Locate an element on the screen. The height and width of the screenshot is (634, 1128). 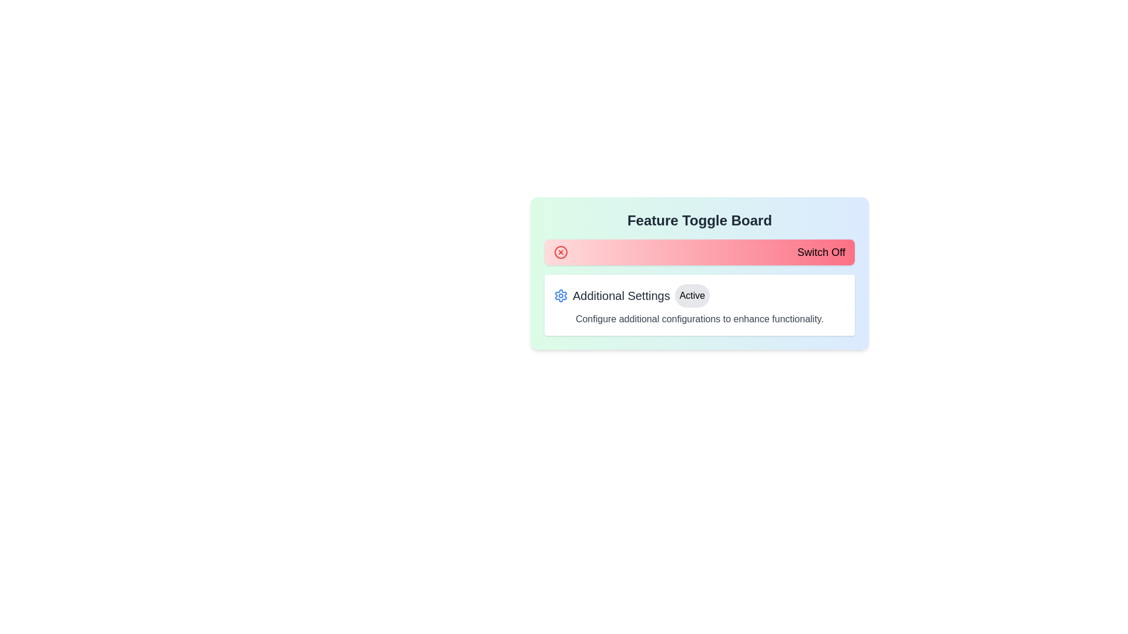
the 'Active' button in the Settings display row is located at coordinates (699, 295).